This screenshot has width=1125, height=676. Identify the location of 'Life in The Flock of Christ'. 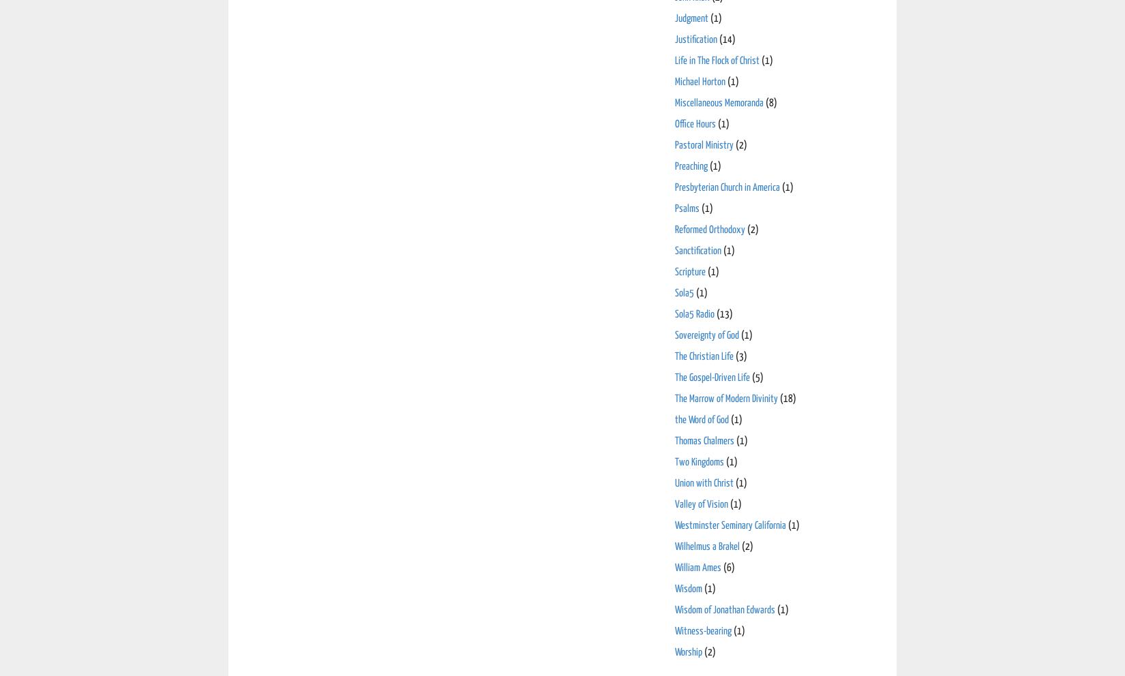
(675, 59).